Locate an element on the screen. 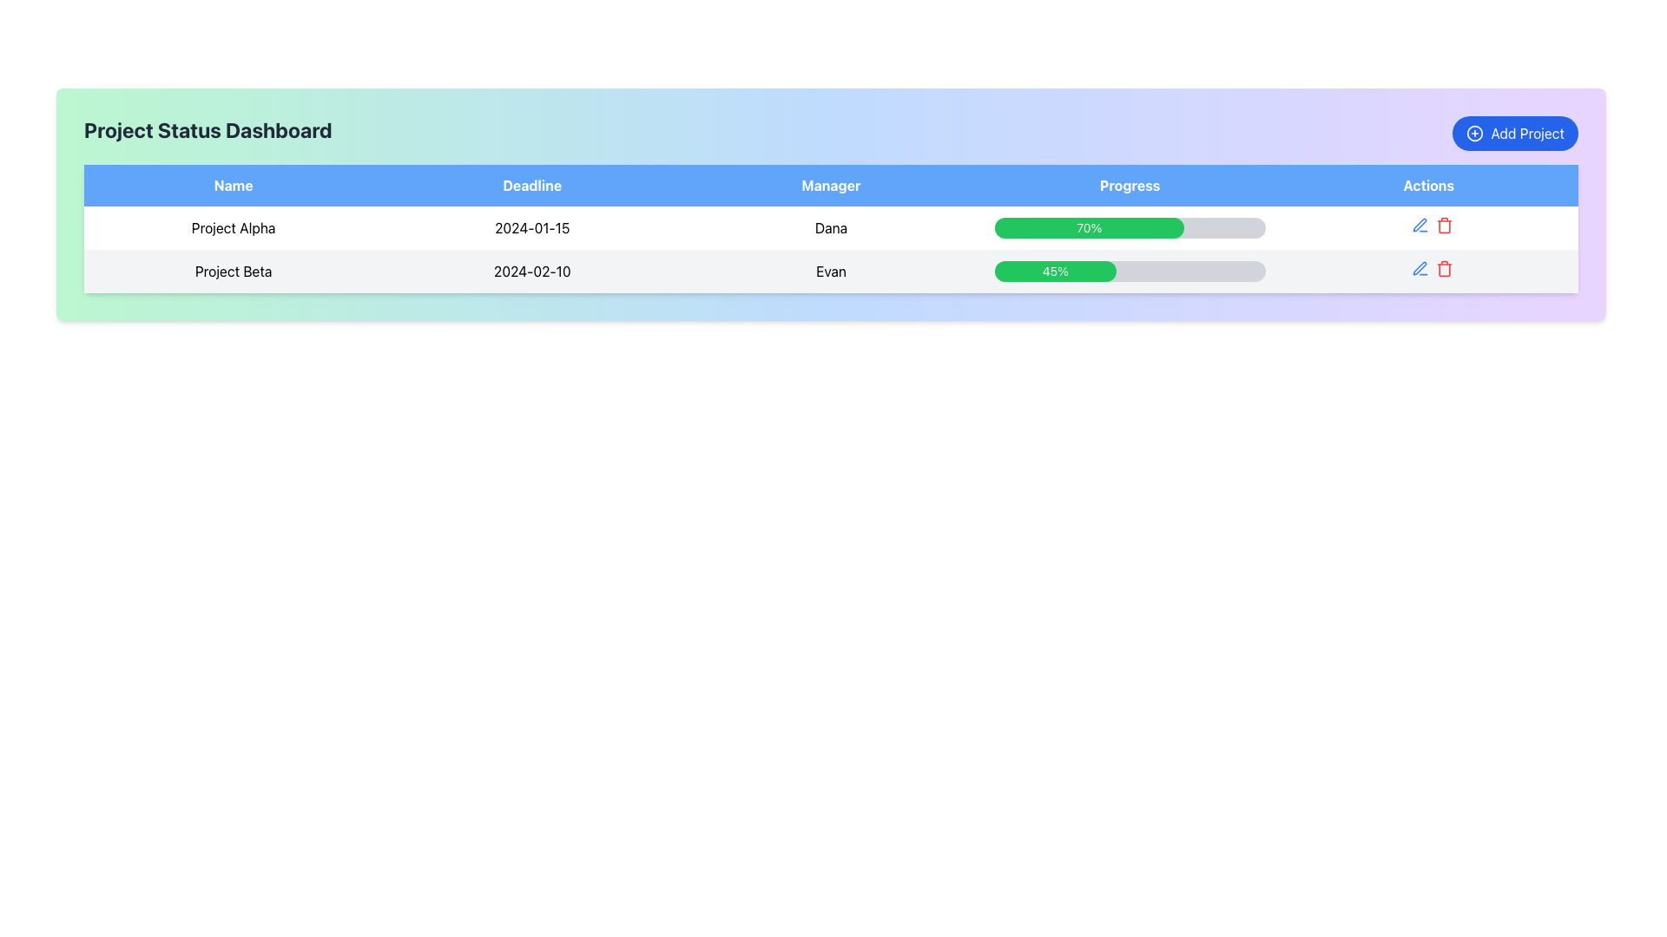 The height and width of the screenshot is (937, 1667). the 'Deadline' text label in the header row of the table, which has a blue background and white text, located between 'Name' and 'Manager' is located at coordinates (531, 185).